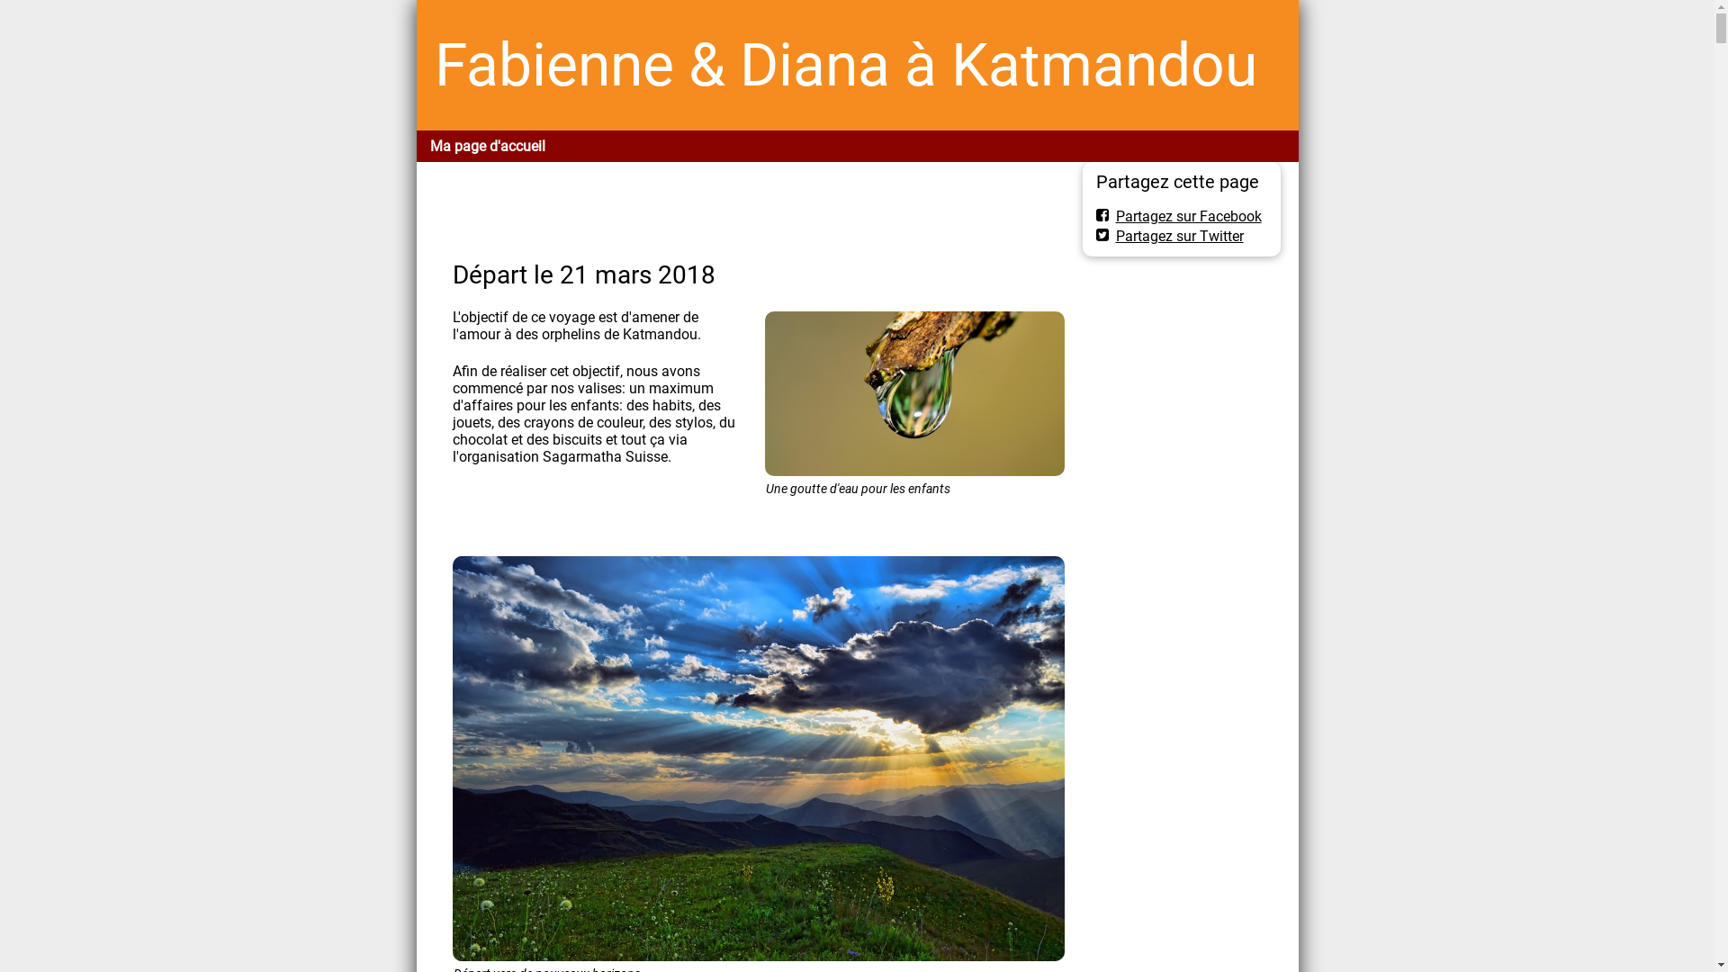  Describe the element at coordinates (914, 392) in the screenshot. I see `'Une goutte d'eau pour les enfants'` at that location.